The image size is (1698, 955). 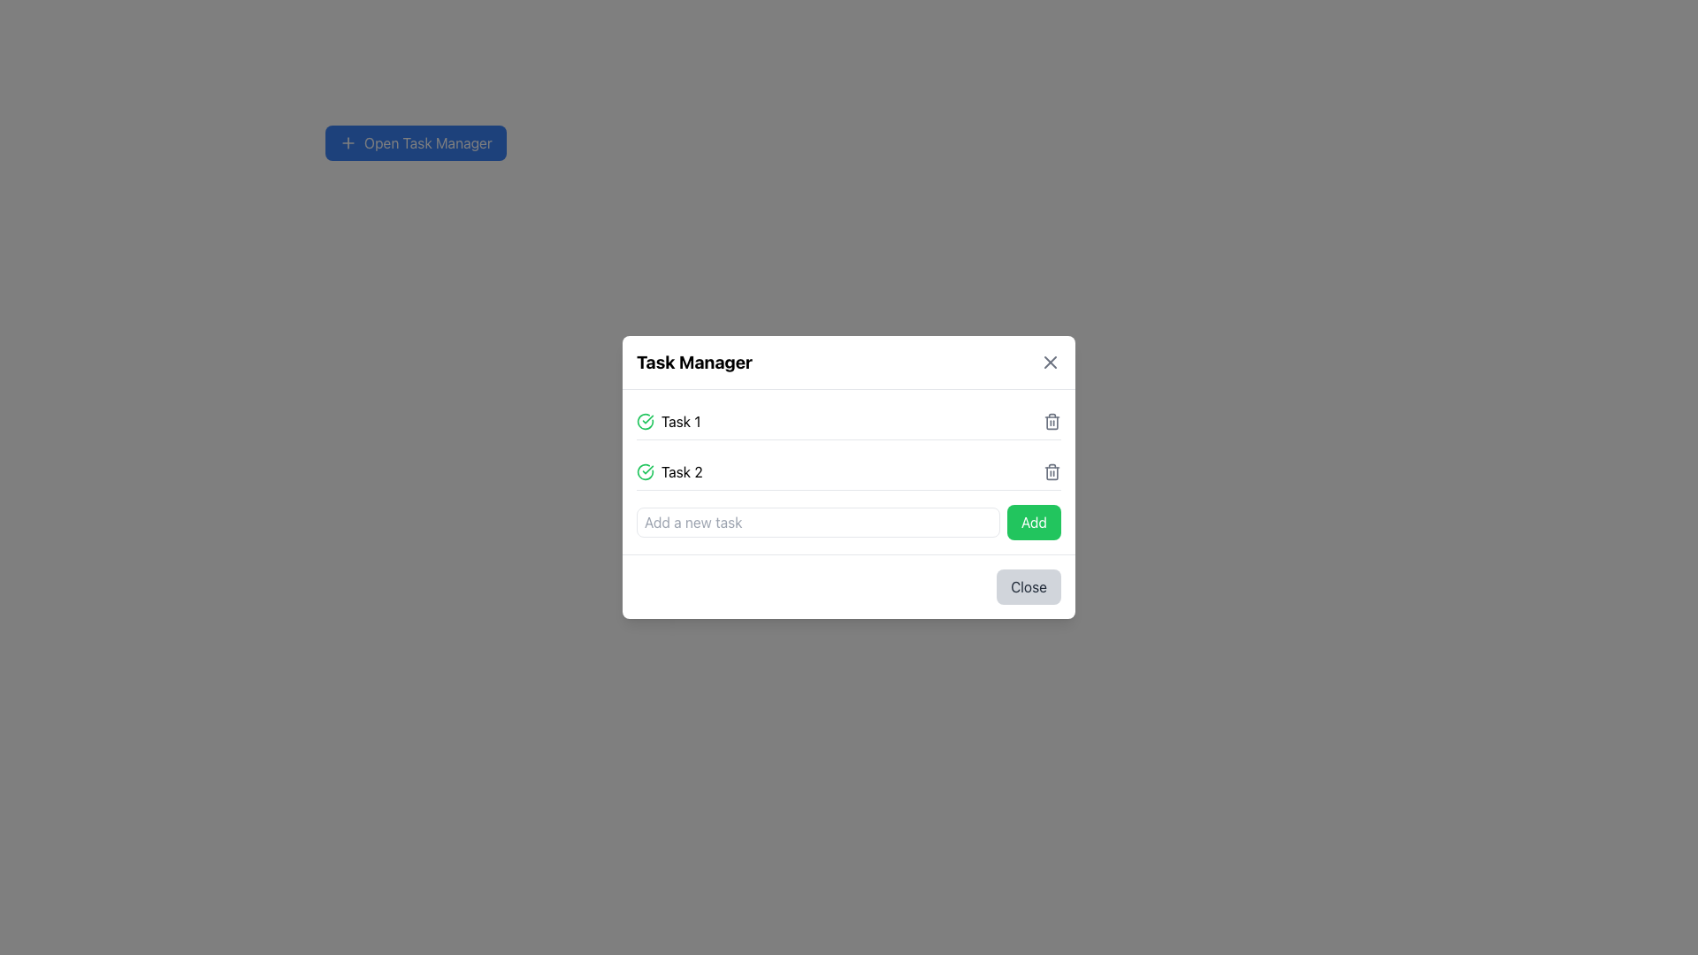 What do you see at coordinates (669, 470) in the screenshot?
I see `text label identifying the second task in the 'Task Manager' dialogue, which is located under 'Task 1' and above the input field for adding a new task` at bounding box center [669, 470].